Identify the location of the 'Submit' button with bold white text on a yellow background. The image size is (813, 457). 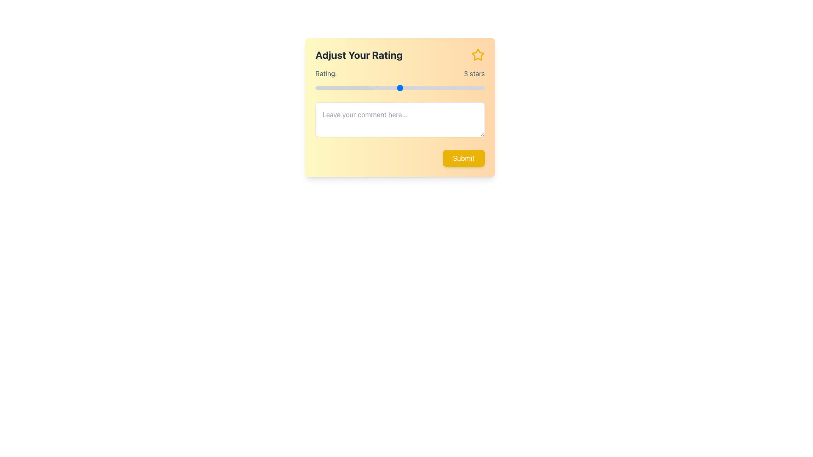
(463, 158).